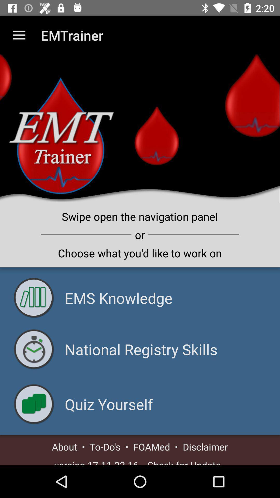  What do you see at coordinates (152, 446) in the screenshot?
I see `the foamed item` at bounding box center [152, 446].